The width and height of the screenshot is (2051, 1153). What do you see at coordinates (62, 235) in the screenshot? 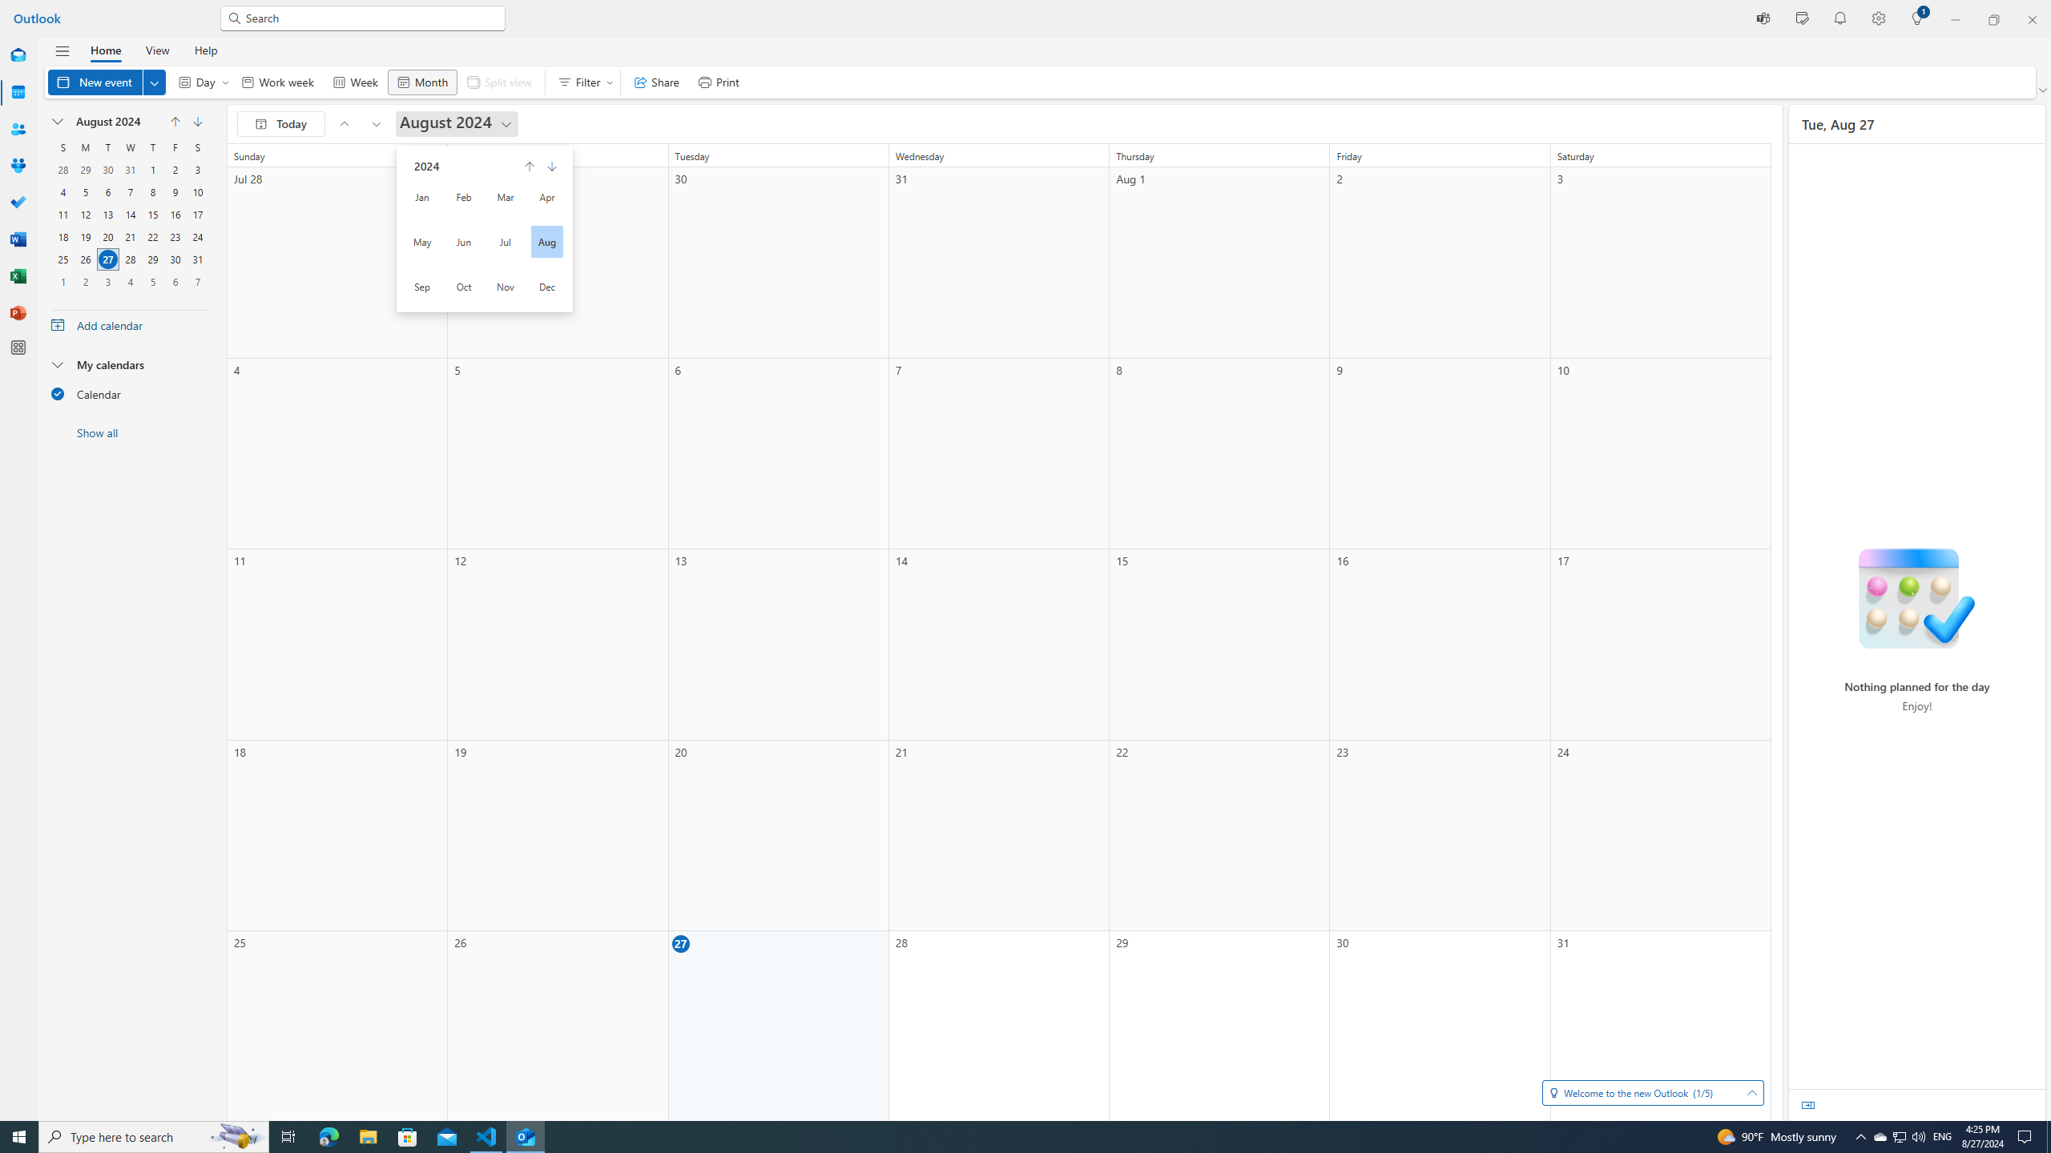
I see `'18, August, 2024'` at bounding box center [62, 235].